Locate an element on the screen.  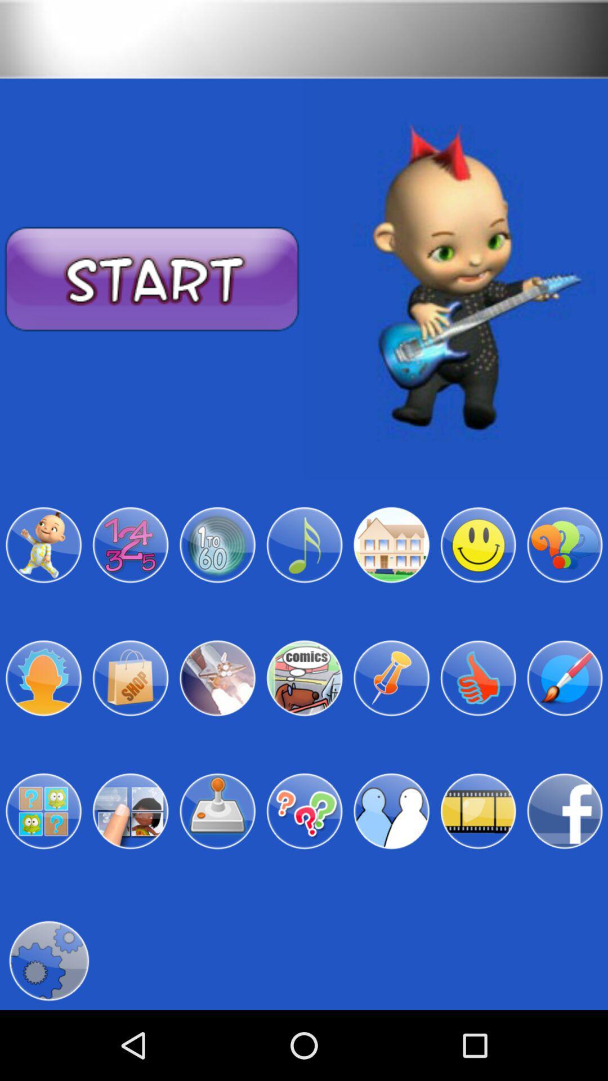
1-60 option is located at coordinates (217, 545).